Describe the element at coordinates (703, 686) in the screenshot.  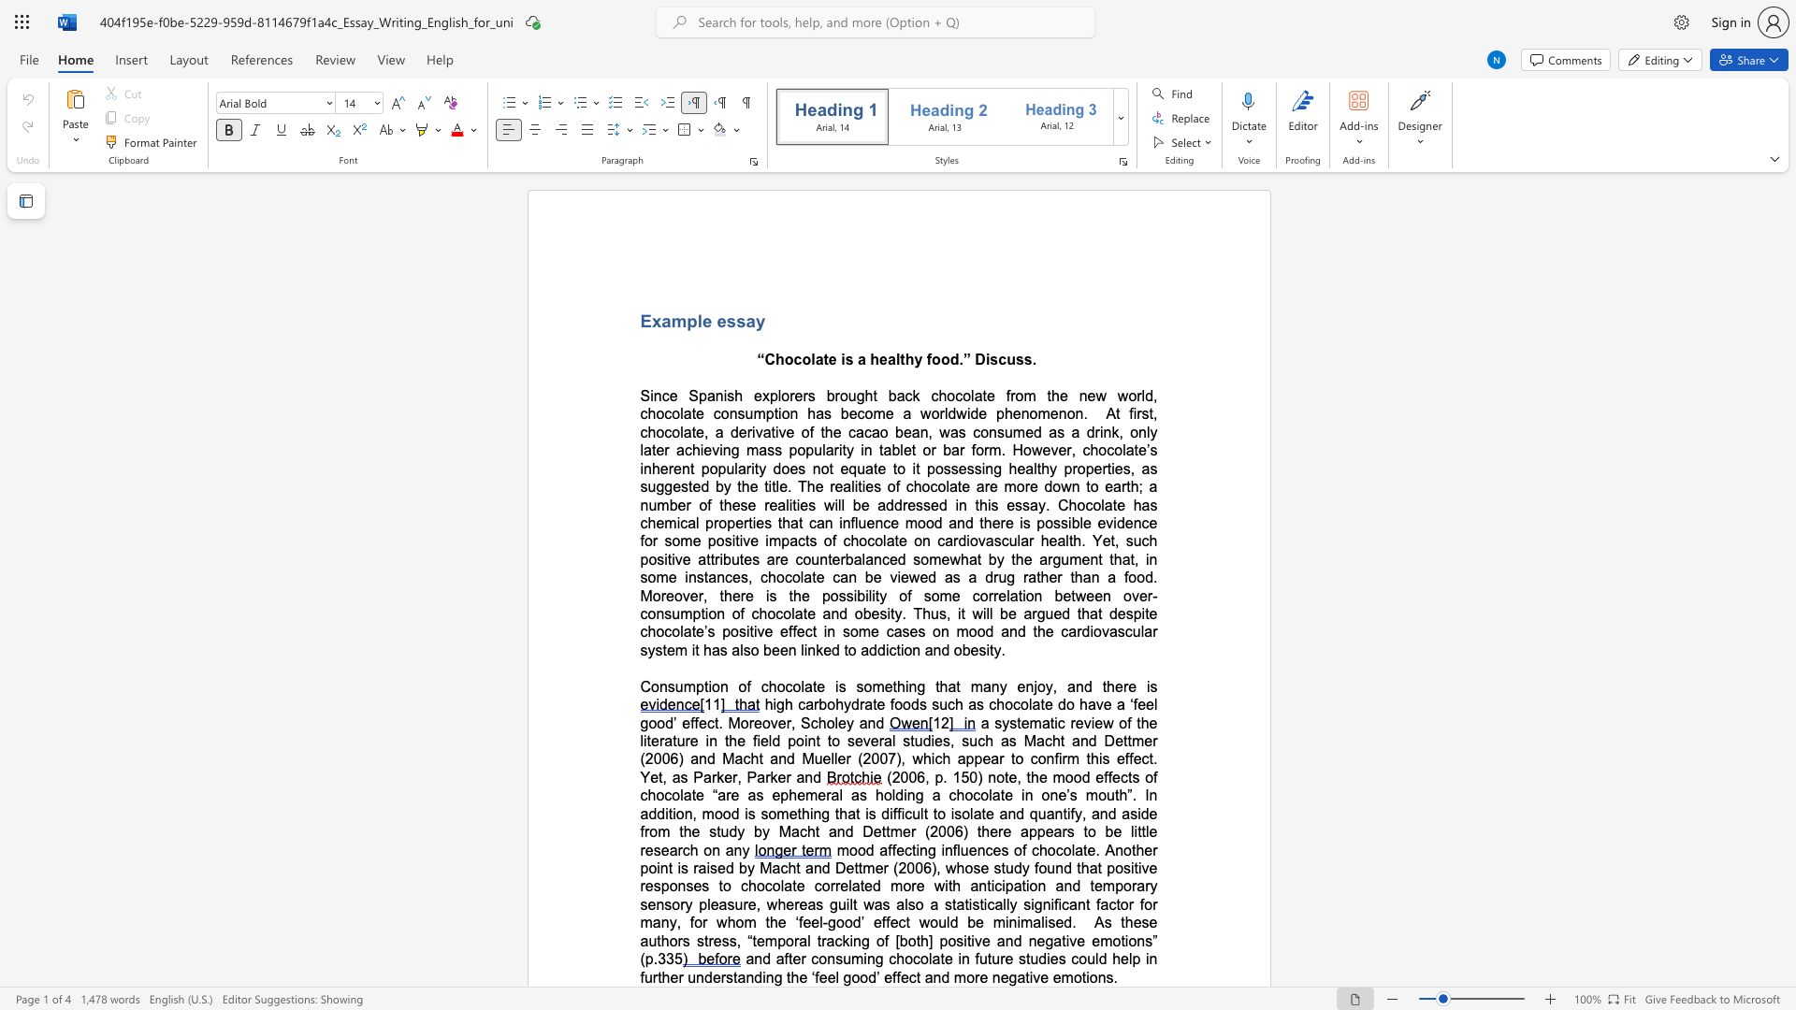
I see `the subset text "tion of chocolate i" within the text "Consumption of chocolate is something that many enjoy, and there is"` at that location.